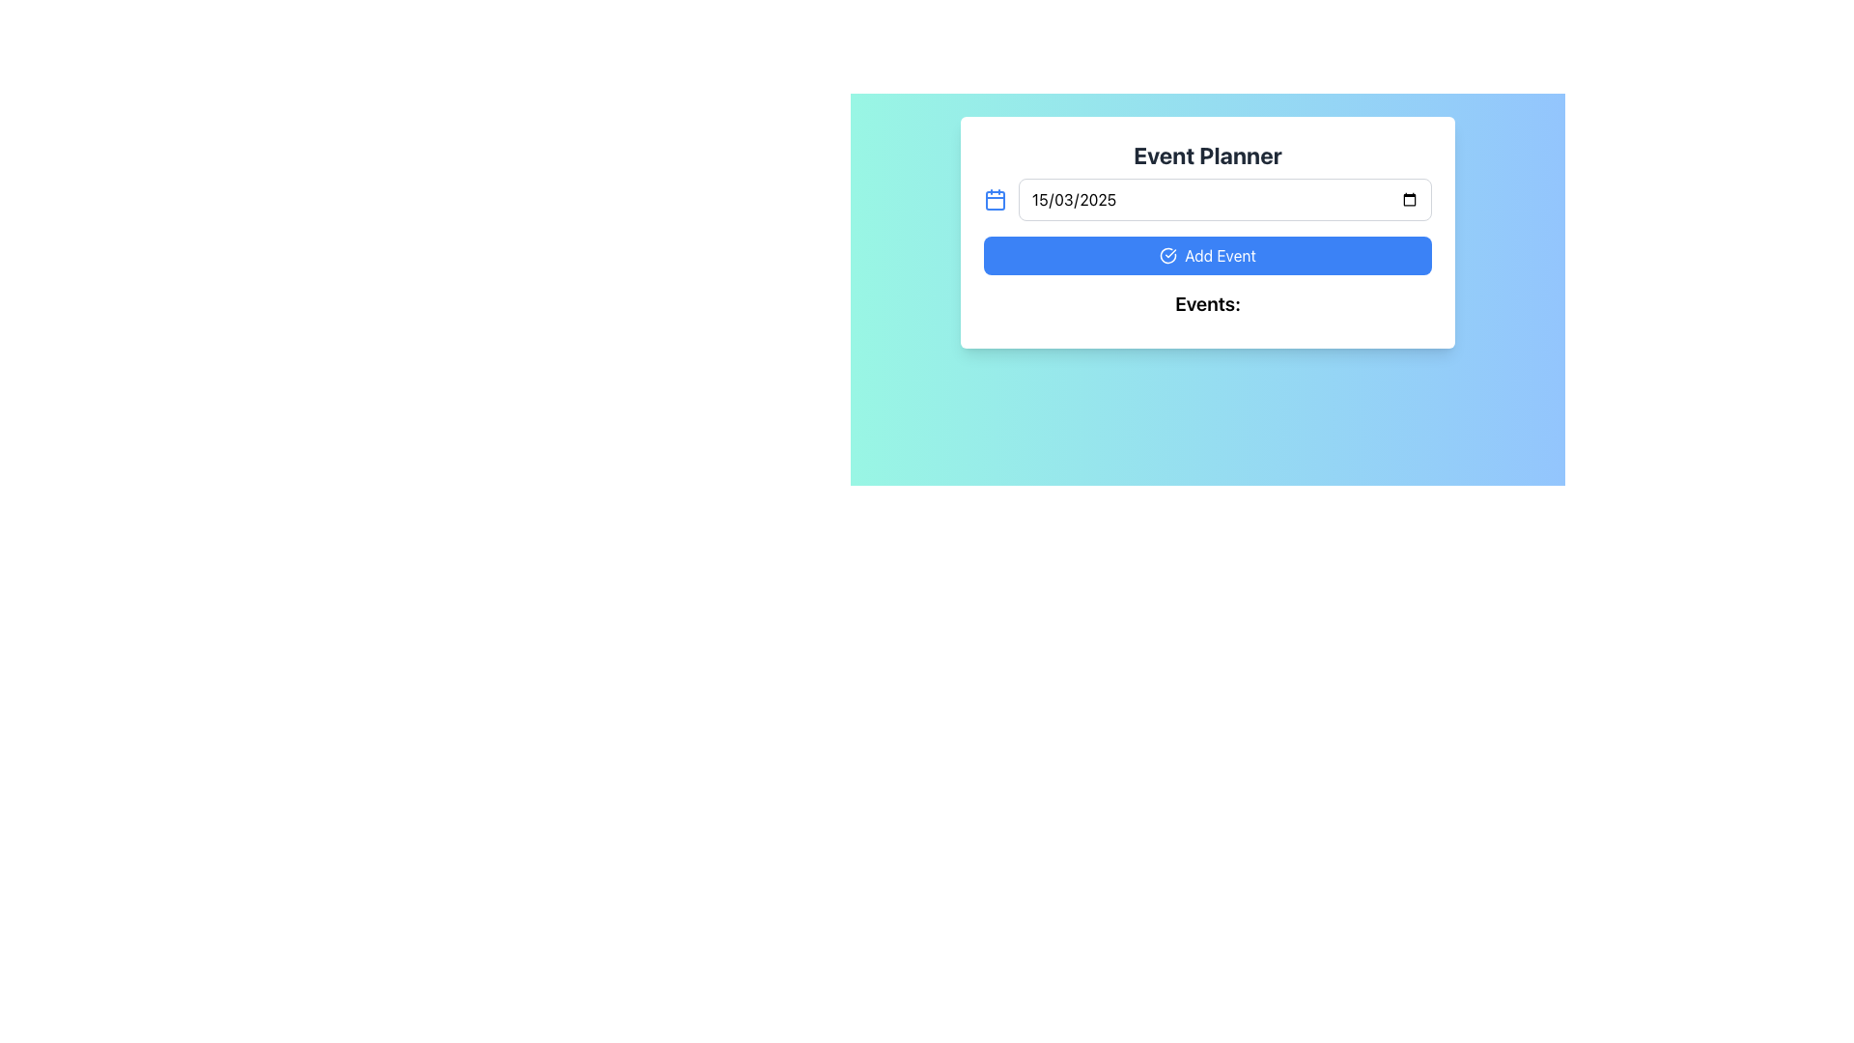 The image size is (1854, 1043). What do you see at coordinates (996, 200) in the screenshot?
I see `the icon located in the header of the event planner interface, which is to the left of the date input field` at bounding box center [996, 200].